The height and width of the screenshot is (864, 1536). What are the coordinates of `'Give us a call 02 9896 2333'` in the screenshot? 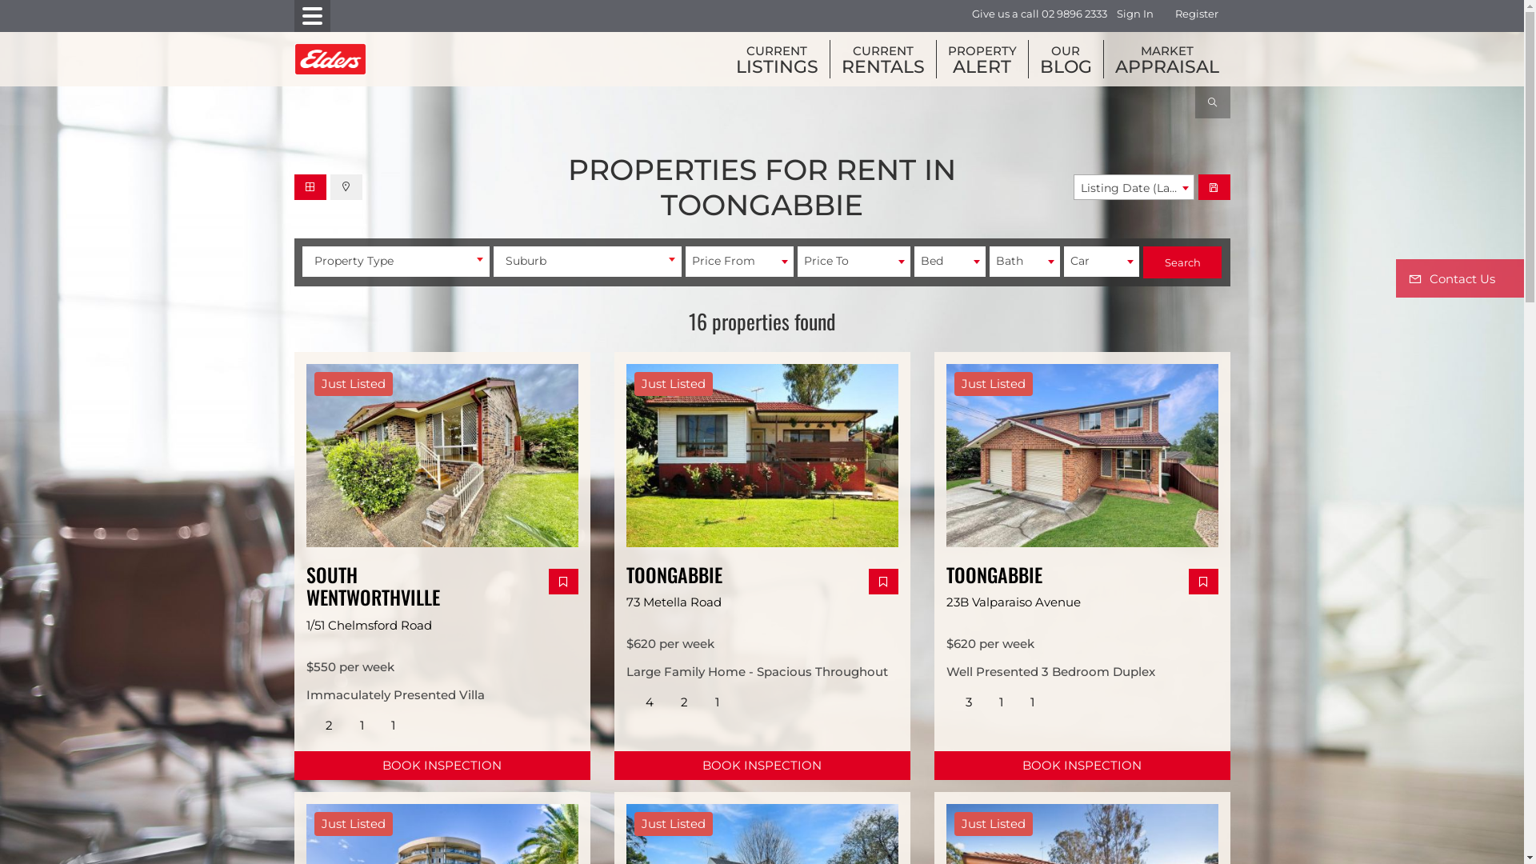 It's located at (1038, 14).